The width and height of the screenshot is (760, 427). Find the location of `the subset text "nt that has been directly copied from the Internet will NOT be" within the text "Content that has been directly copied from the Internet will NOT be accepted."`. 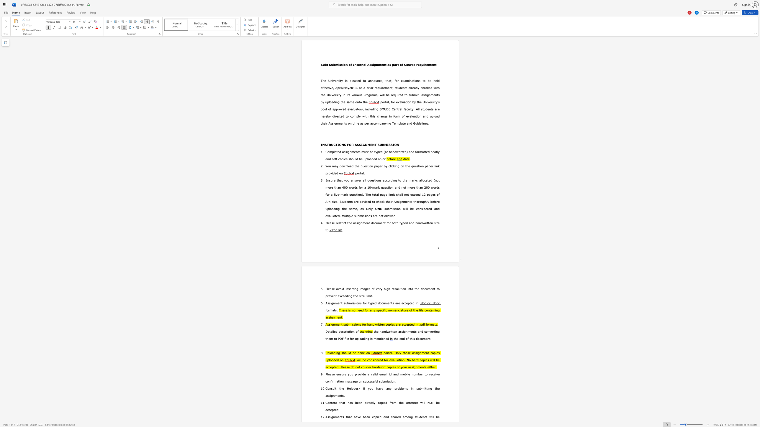

the subset text "nt that has been directly copied from the Internet will NOT be" within the text "Content that has been directly copied from the Internet will NOT be accepted." is located at coordinates (333, 403).